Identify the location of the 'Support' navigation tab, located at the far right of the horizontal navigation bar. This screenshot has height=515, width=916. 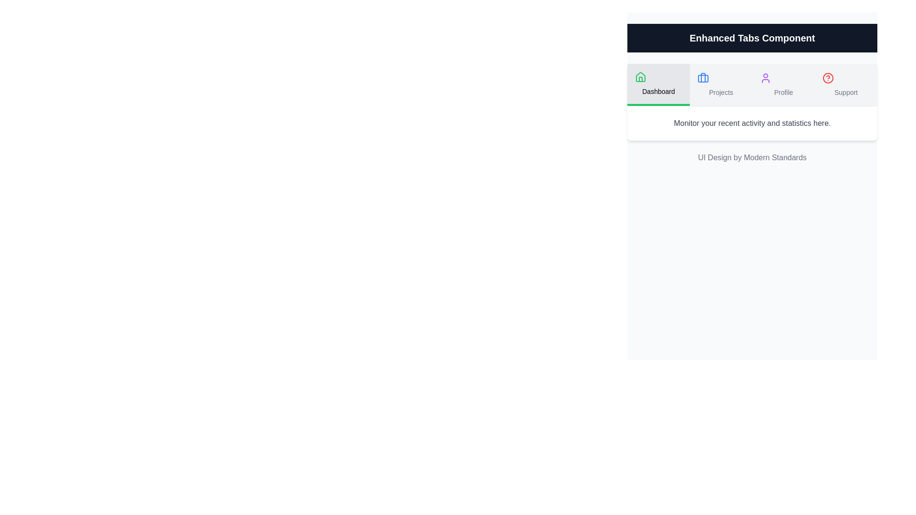
(846, 84).